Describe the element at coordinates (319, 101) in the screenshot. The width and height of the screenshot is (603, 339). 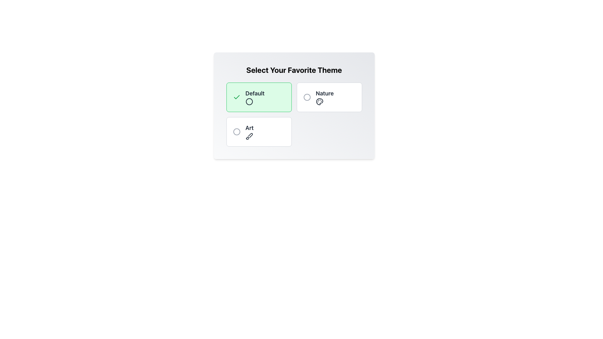
I see `the 'Nature' theme icon located in the upper-right grid of the theme selection interface` at that location.